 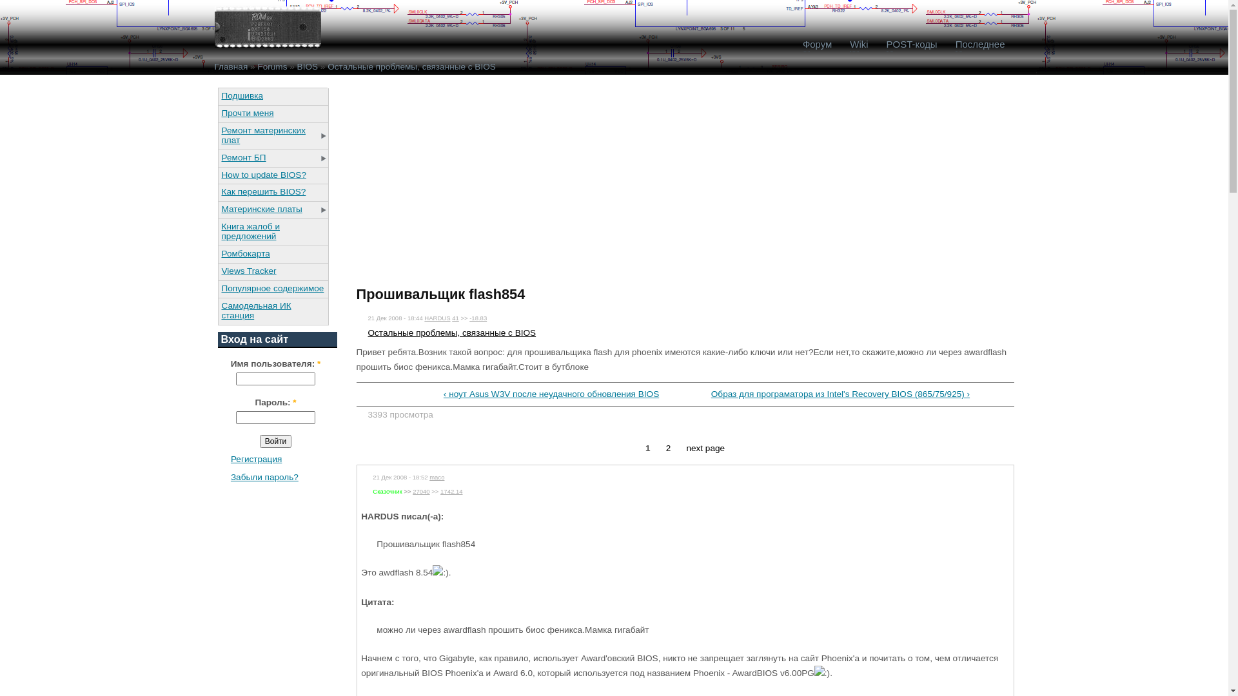 I want to click on 'Forums', so click(x=271, y=66).